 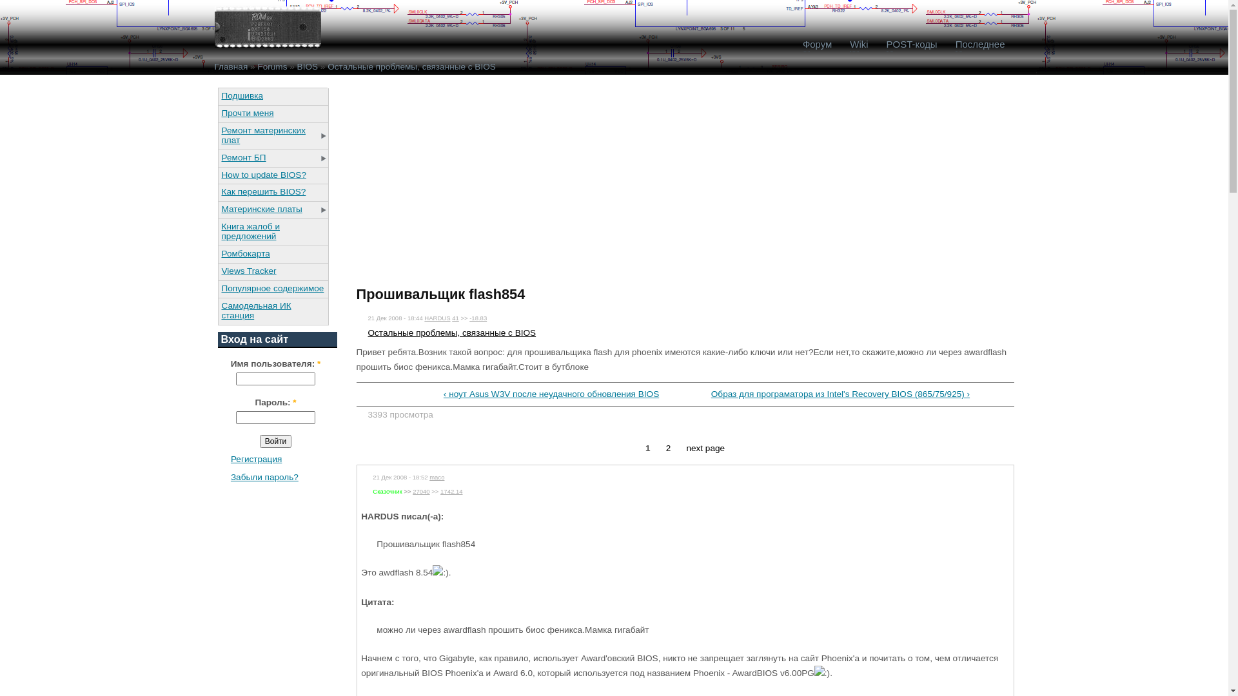 I want to click on 'Forums', so click(x=271, y=66).